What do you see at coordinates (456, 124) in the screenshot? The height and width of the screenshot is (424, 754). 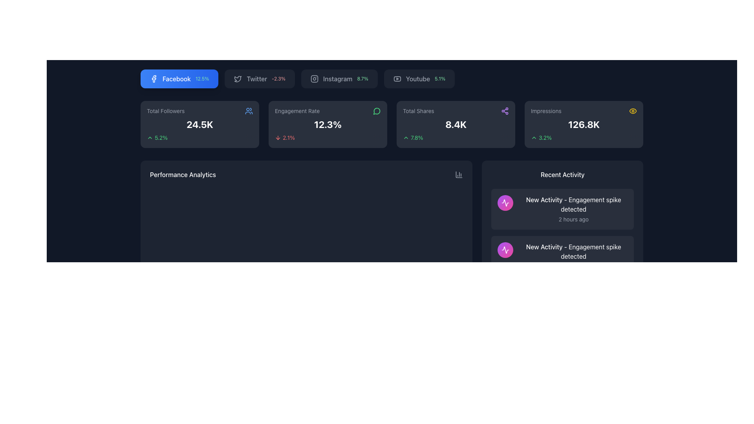 I see `the text displaying '8.4K' in the Total Shares card, which is styled in white and positioned below the title 'Total Shares'` at bounding box center [456, 124].